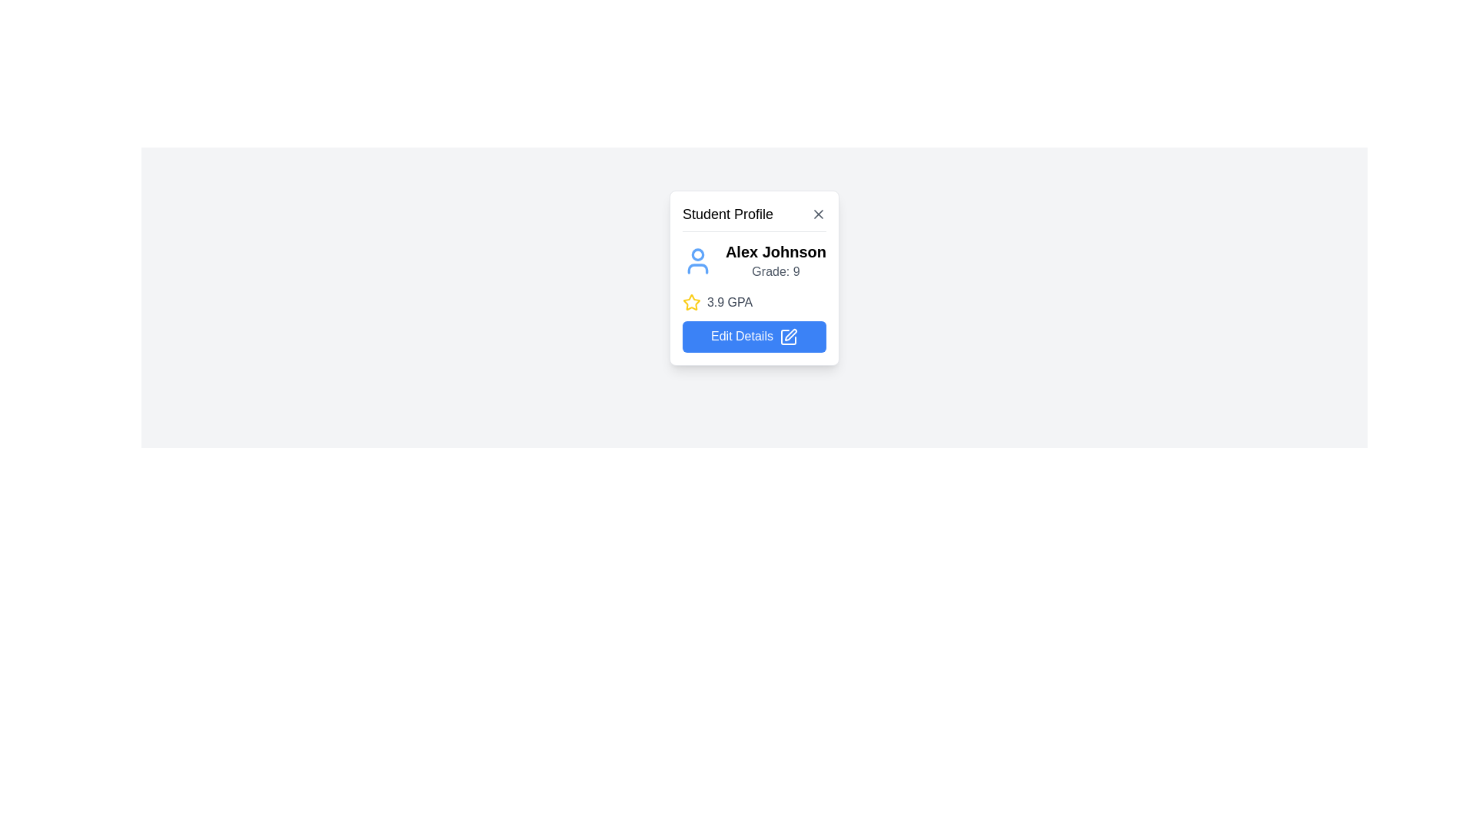 The height and width of the screenshot is (830, 1476). What do you see at coordinates (776, 260) in the screenshot?
I see `the Text Display element that shows the name and grade of a student, which is centrally located within a card structure and directly to the right of an icon` at bounding box center [776, 260].